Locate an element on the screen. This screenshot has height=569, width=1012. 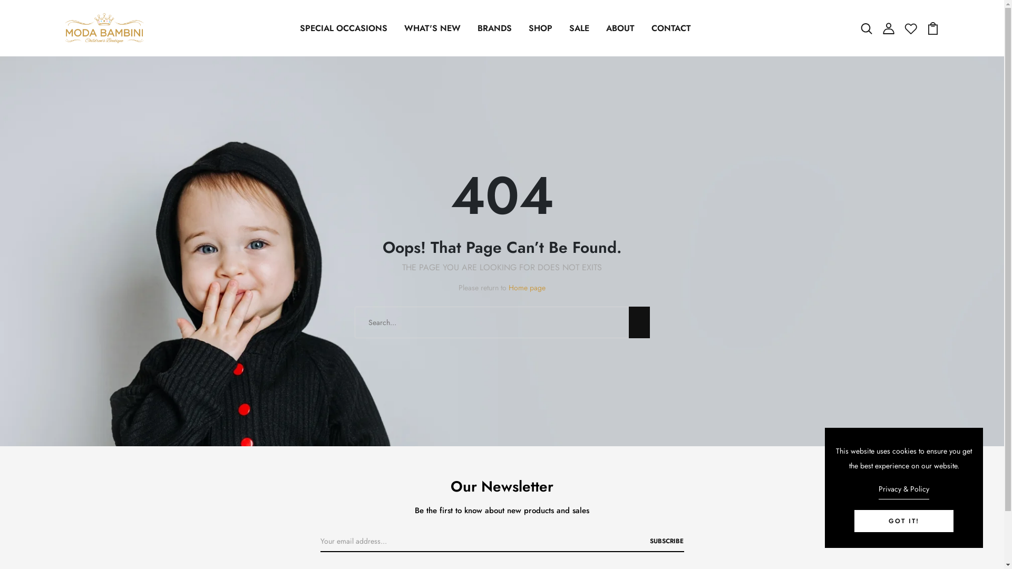
'WHAT'S NEW' is located at coordinates (432, 28).